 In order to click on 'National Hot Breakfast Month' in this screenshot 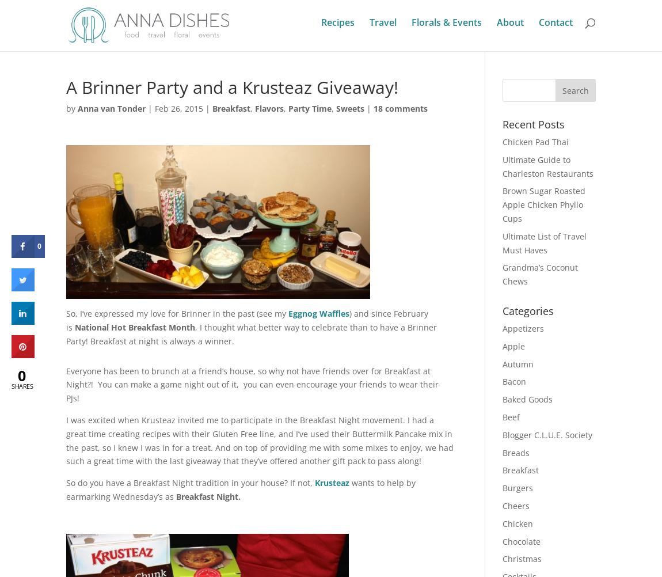, I will do `click(134, 327)`.